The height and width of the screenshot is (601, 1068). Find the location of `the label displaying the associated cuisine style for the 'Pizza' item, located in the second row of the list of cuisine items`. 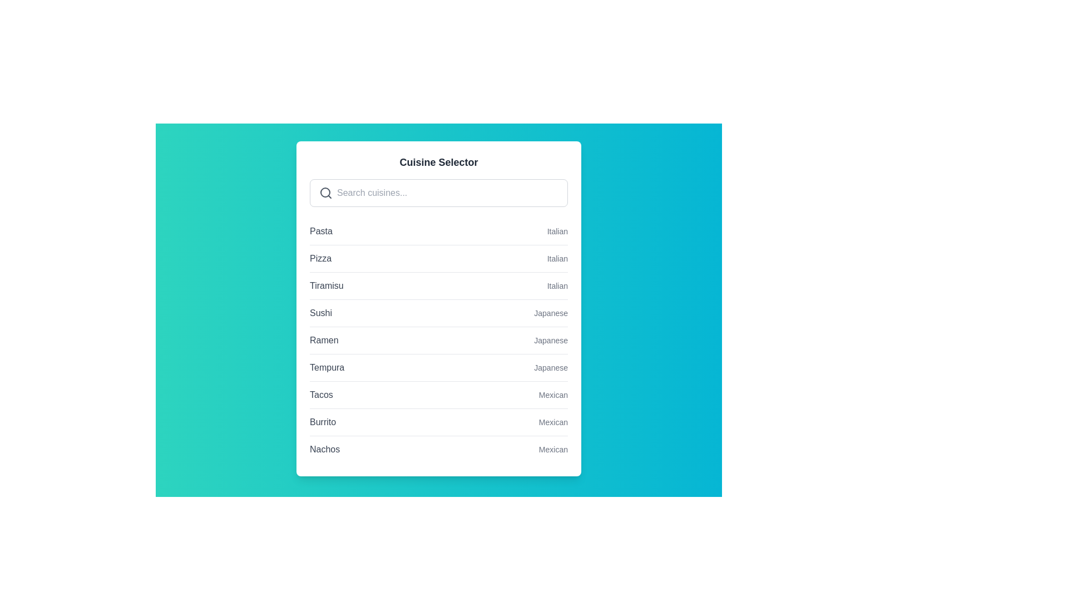

the label displaying the associated cuisine style for the 'Pizza' item, located in the second row of the list of cuisine items is located at coordinates (557, 259).